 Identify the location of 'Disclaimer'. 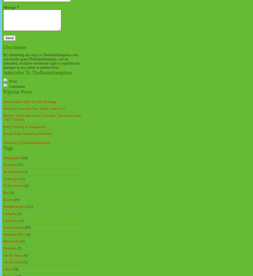
(14, 47).